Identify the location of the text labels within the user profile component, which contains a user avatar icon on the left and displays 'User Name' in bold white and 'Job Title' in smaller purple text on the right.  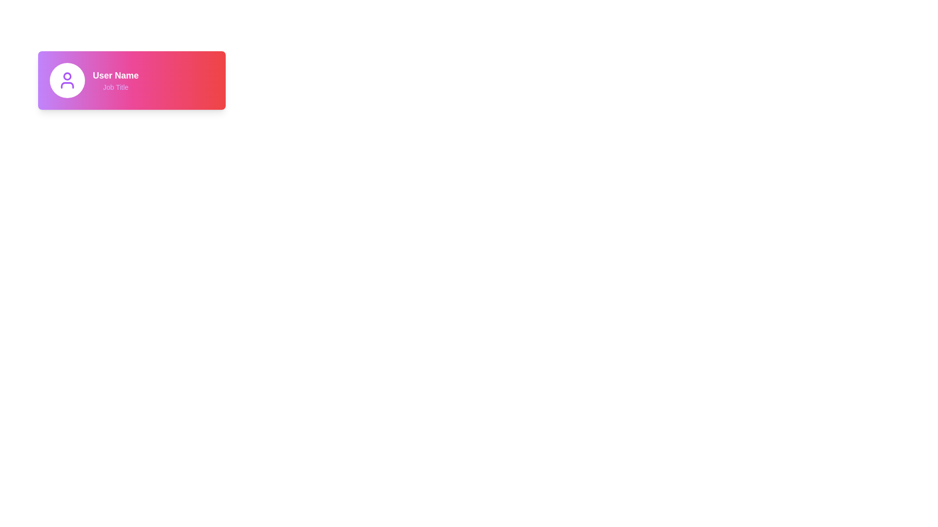
(131, 80).